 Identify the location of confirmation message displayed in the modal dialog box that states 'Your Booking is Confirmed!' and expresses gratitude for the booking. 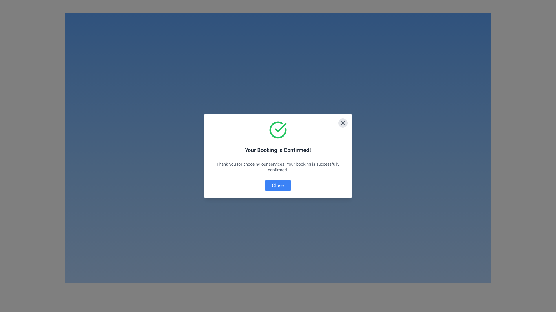
(278, 156).